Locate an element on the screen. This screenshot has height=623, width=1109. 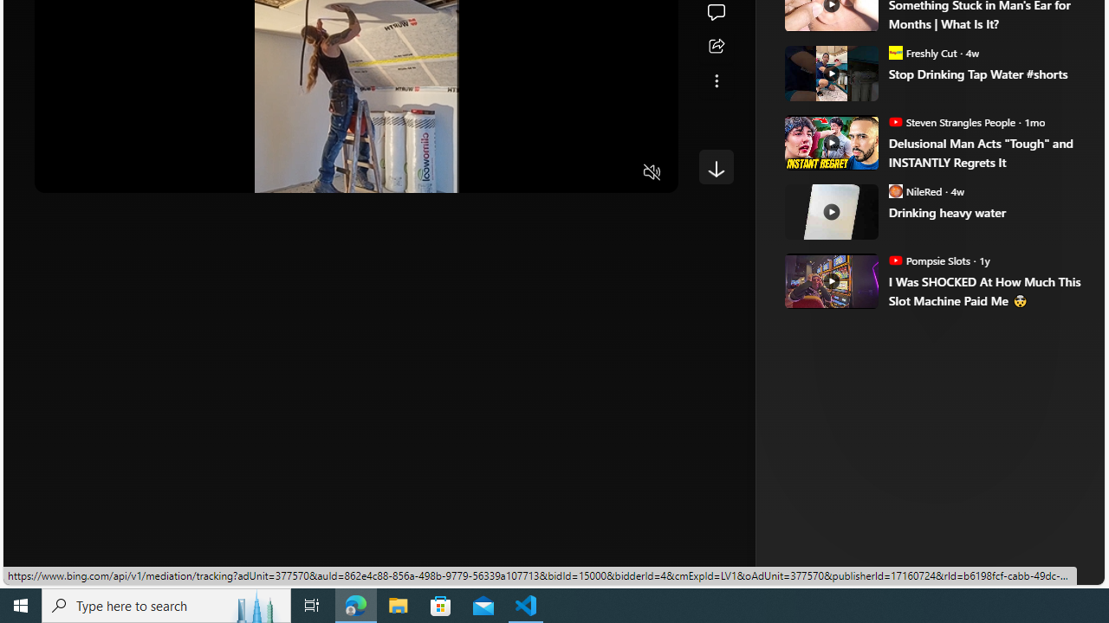
'Fullscreen' is located at coordinates (619, 173).